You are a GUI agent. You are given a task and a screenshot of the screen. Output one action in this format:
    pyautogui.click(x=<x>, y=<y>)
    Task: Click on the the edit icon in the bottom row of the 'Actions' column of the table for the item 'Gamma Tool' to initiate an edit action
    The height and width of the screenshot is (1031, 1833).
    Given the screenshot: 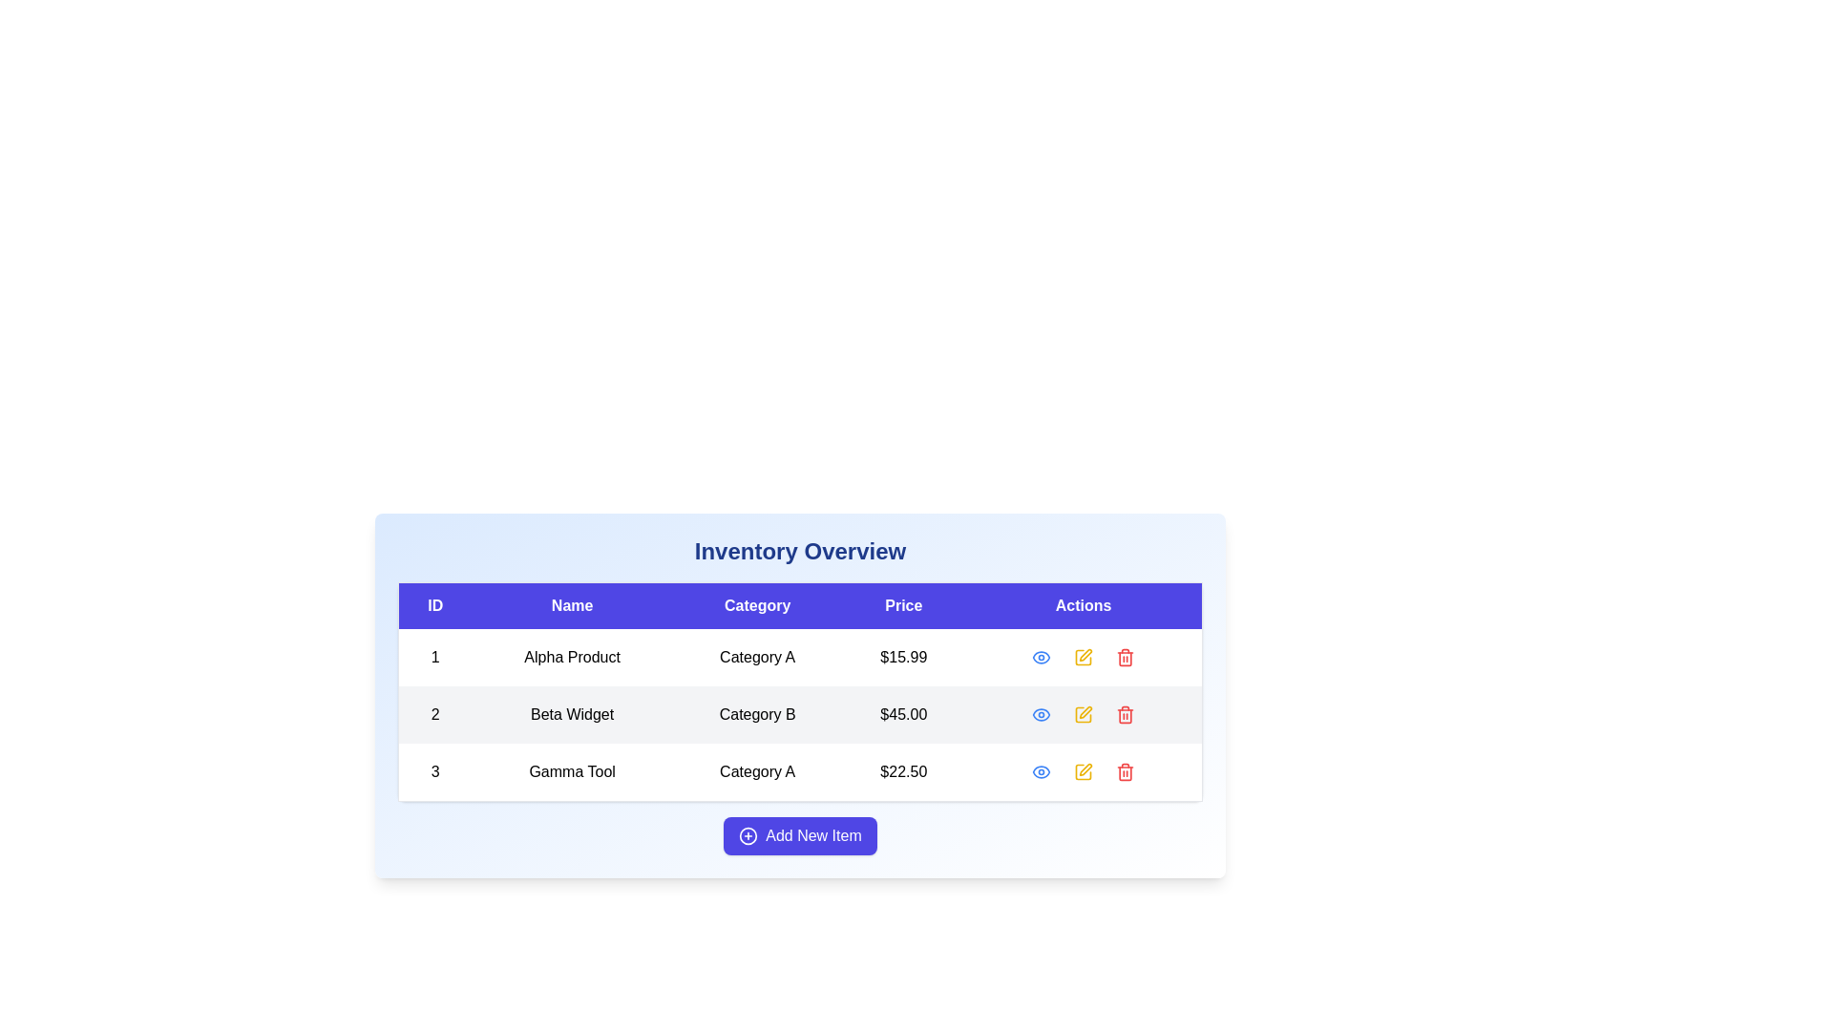 What is the action you would take?
    pyautogui.click(x=1085, y=768)
    